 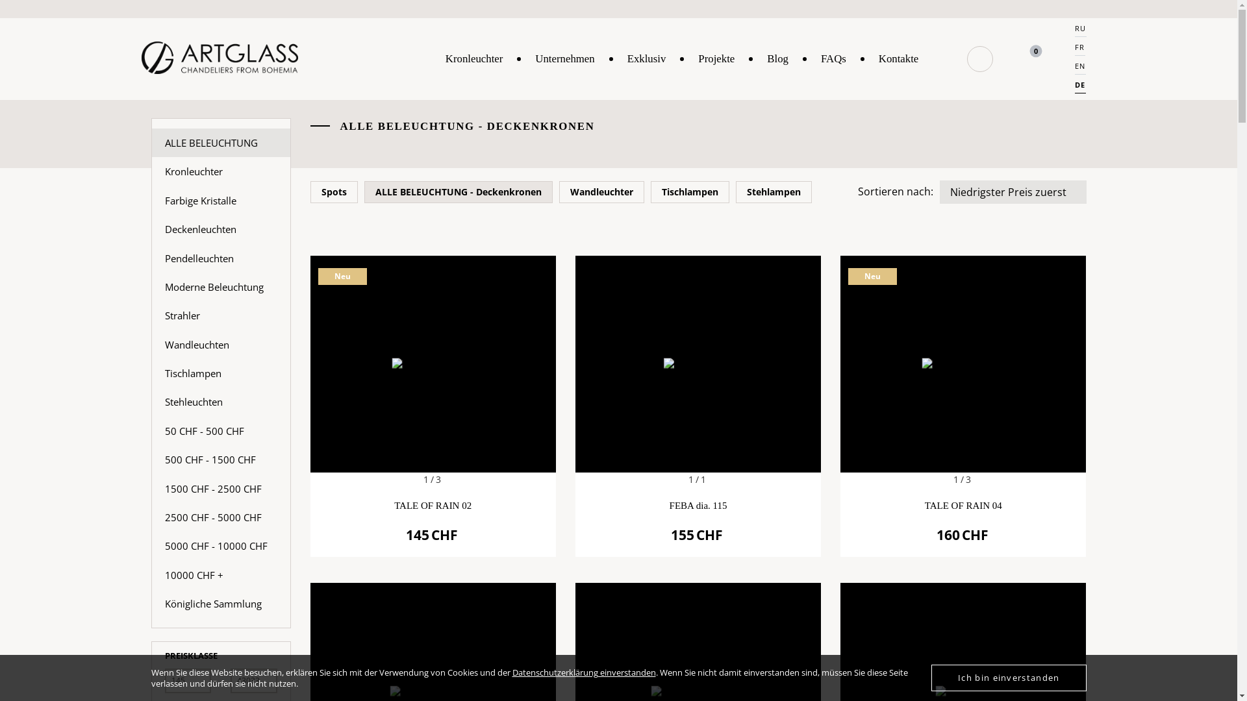 I want to click on 'Kronleuchter', so click(x=221, y=170).